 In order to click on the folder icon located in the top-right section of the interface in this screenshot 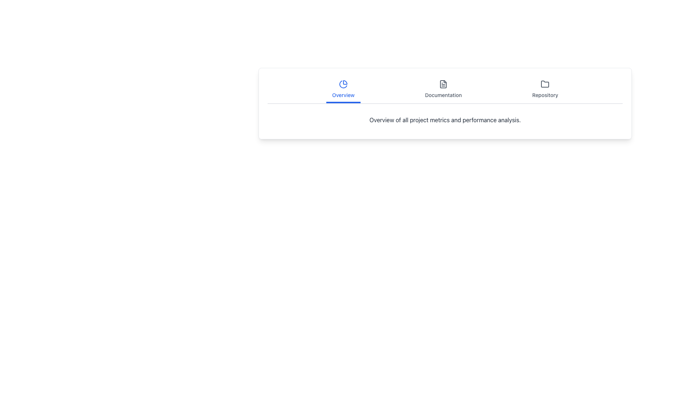, I will do `click(545, 84)`.